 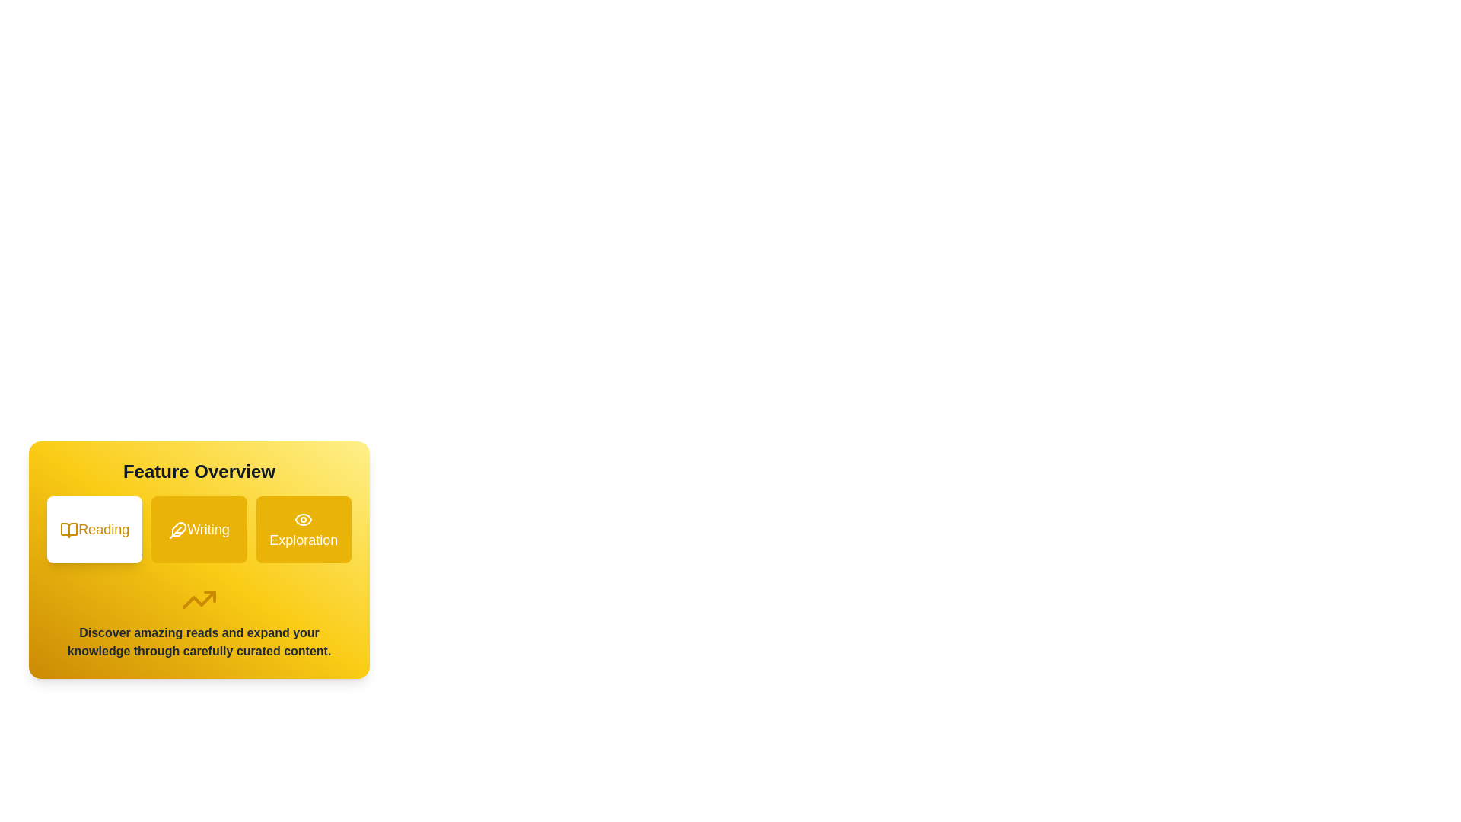 What do you see at coordinates (304, 528) in the screenshot?
I see `the bright yellow 'Exploration' button with rounded corners, containing white text and an eye icon` at bounding box center [304, 528].